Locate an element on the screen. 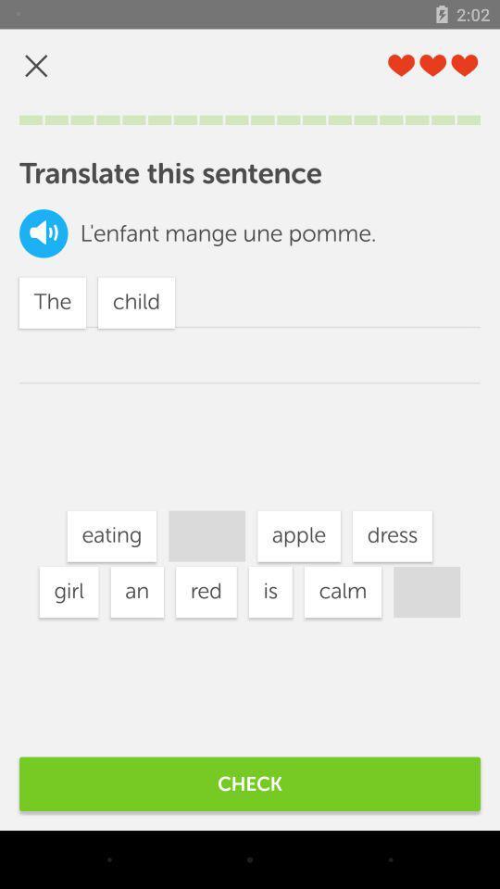  the close icon is located at coordinates (36, 66).